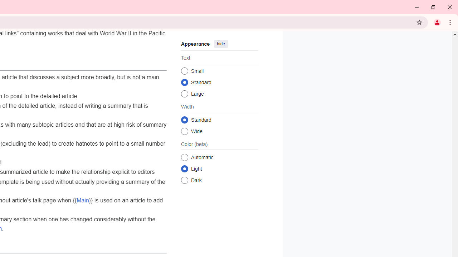 The width and height of the screenshot is (458, 257). Describe the element at coordinates (184, 119) in the screenshot. I see `'Standard'` at that location.